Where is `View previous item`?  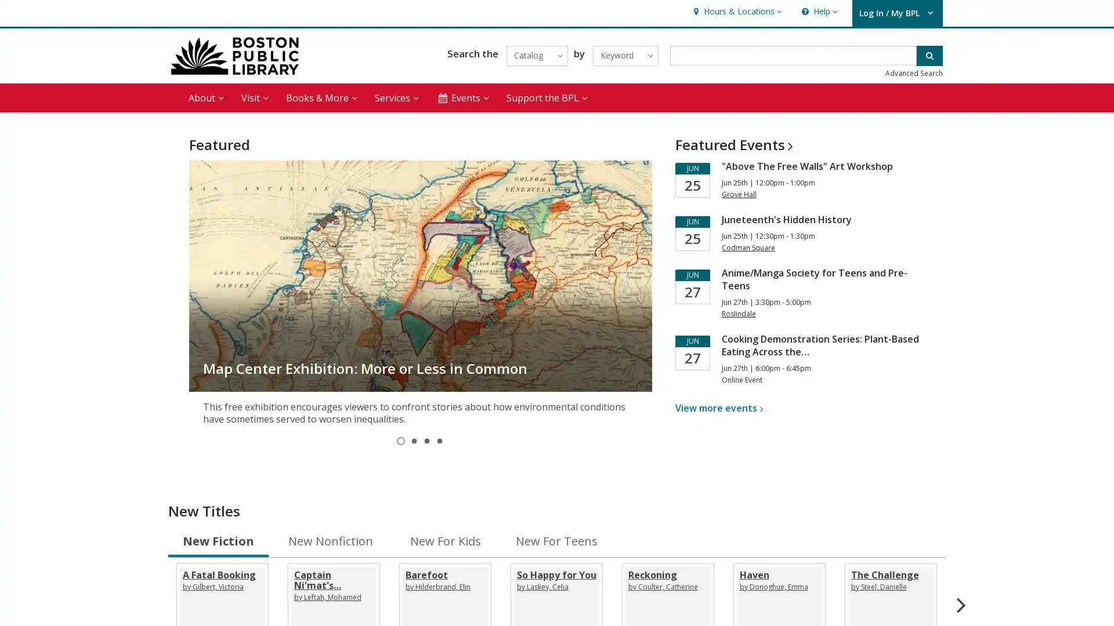
View previous item is located at coordinates (200, 275).